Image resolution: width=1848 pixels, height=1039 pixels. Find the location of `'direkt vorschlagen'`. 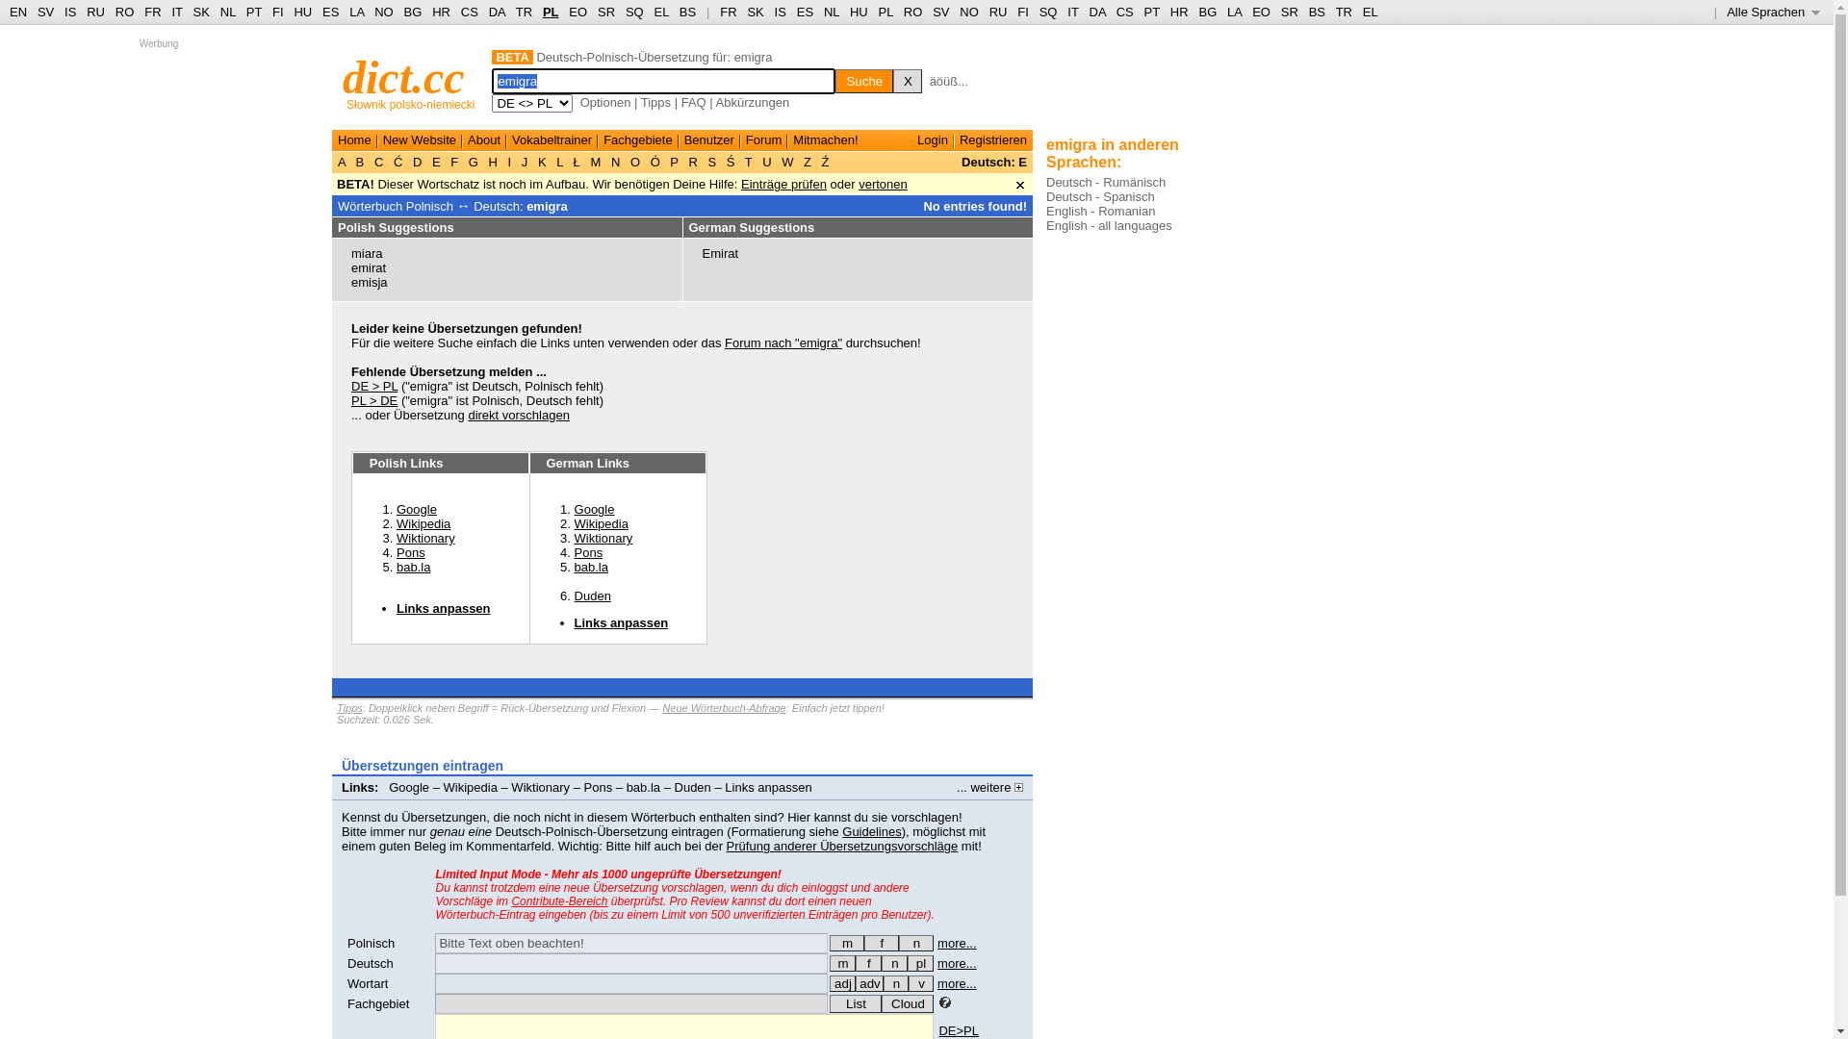

'direkt vorschlagen' is located at coordinates (518, 414).